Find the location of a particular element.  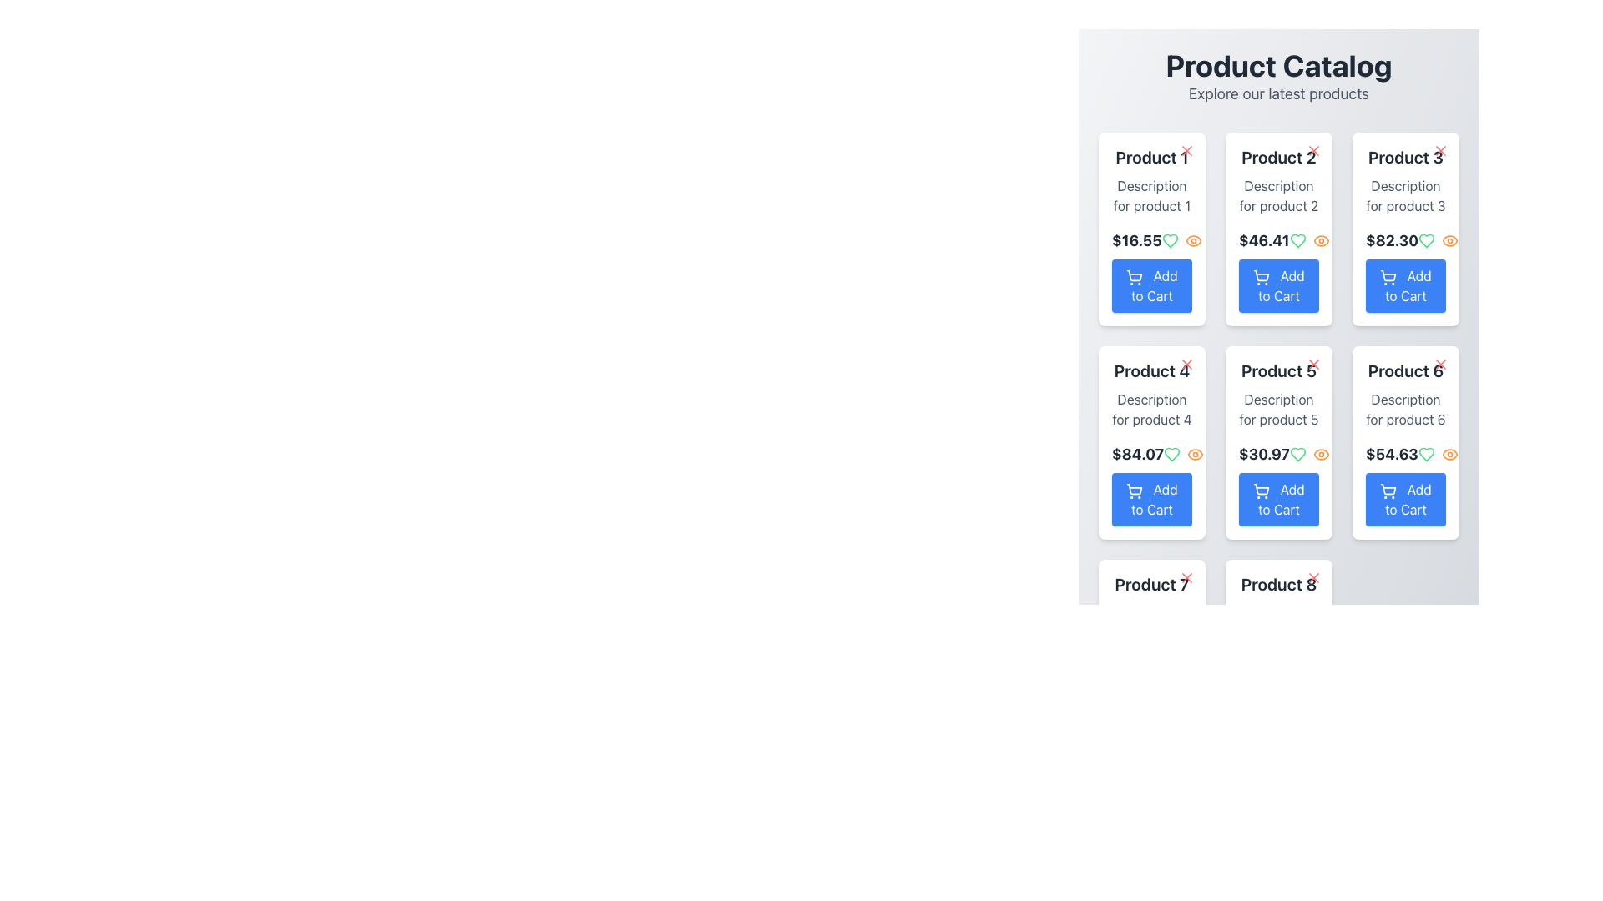

the price label for 'Product 2' located in the second row and first column of the product grid, situated above the 'Add to Cart' button is located at coordinates (1277, 241).